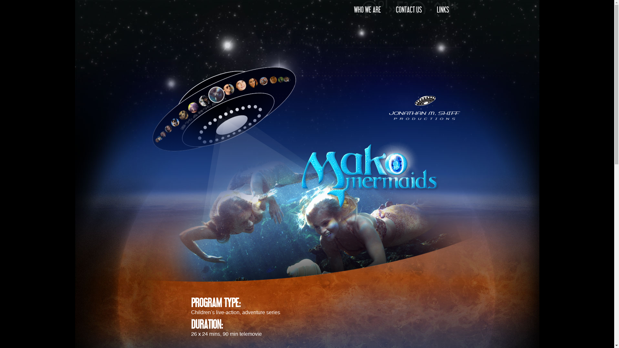  What do you see at coordinates (202, 101) in the screenshot?
I see `'The Pandas'` at bounding box center [202, 101].